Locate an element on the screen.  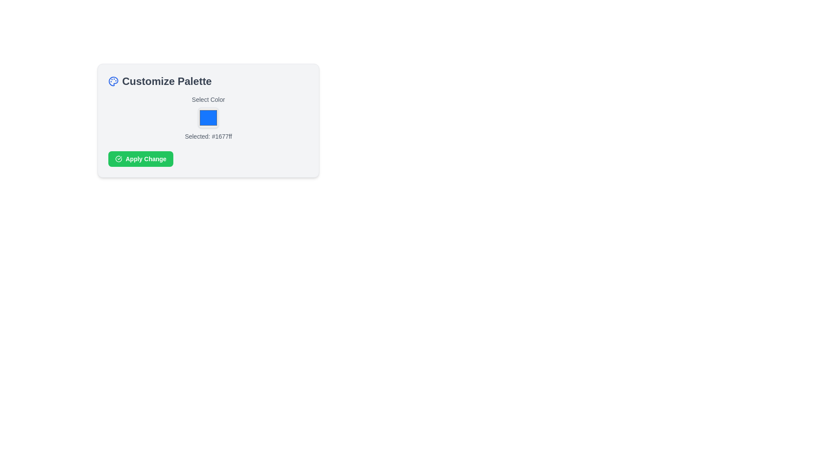
the circular icon located inside the green 'Apply Change' button at the bottom-left corner of the card interface is located at coordinates (118, 159).